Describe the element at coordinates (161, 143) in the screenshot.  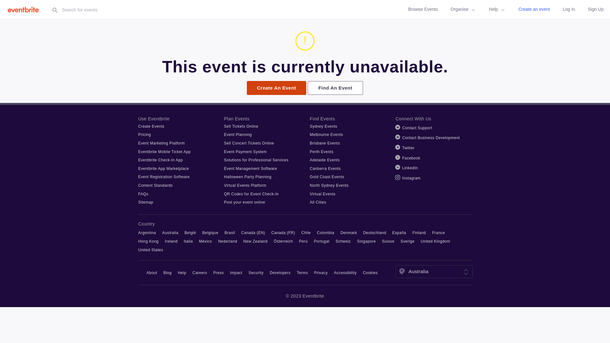
I see `'Event Marketing Platform'` at that location.